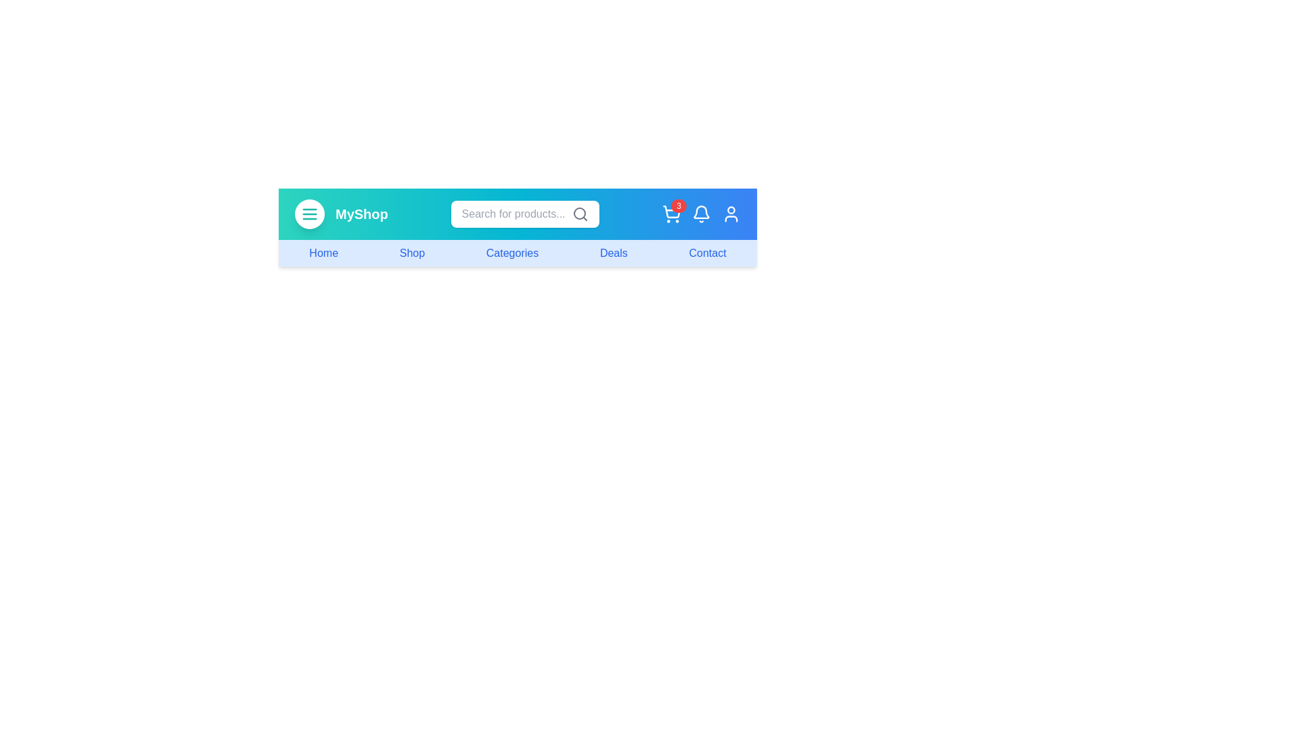 The width and height of the screenshot is (1299, 730). What do you see at coordinates (511, 253) in the screenshot?
I see `the navigation link labeled Categories to navigate to the corresponding section` at bounding box center [511, 253].